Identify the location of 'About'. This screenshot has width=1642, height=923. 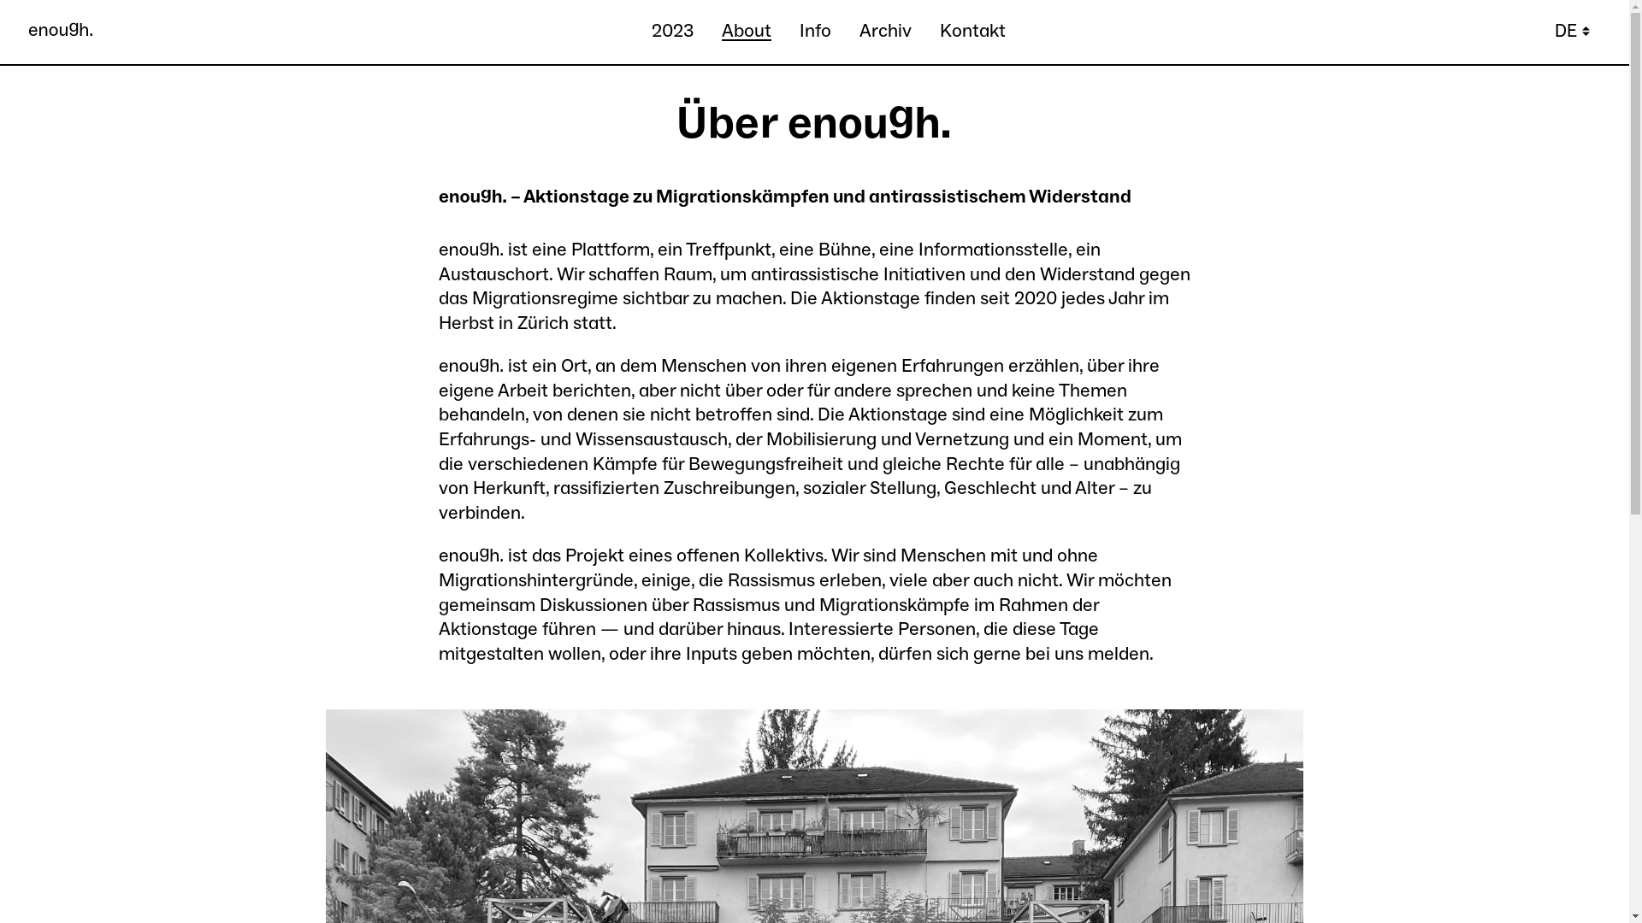
(722, 32).